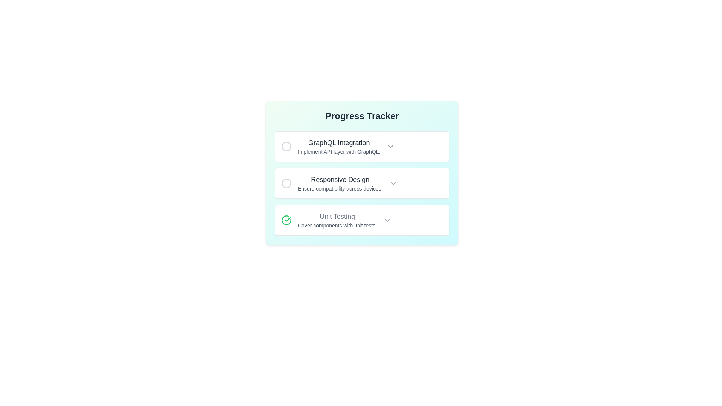  What do you see at coordinates (340, 183) in the screenshot?
I see `the Text block element that contains the heading 'Responsive Design' and the subtext 'Ensure compatibility across devices.' This element is the second item in the 'Progress Tracker' list` at bounding box center [340, 183].